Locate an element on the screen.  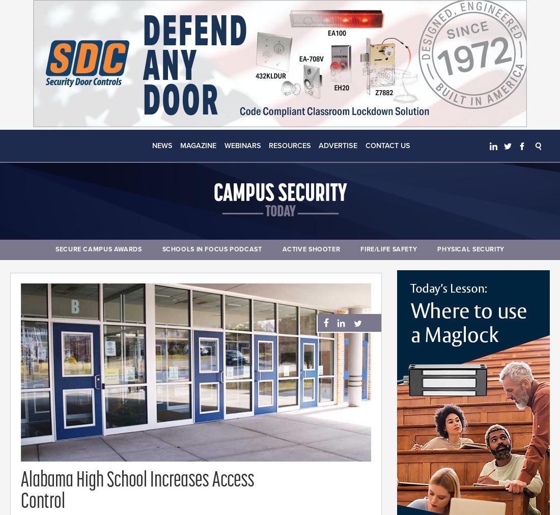
'Resources' is located at coordinates (289, 145).